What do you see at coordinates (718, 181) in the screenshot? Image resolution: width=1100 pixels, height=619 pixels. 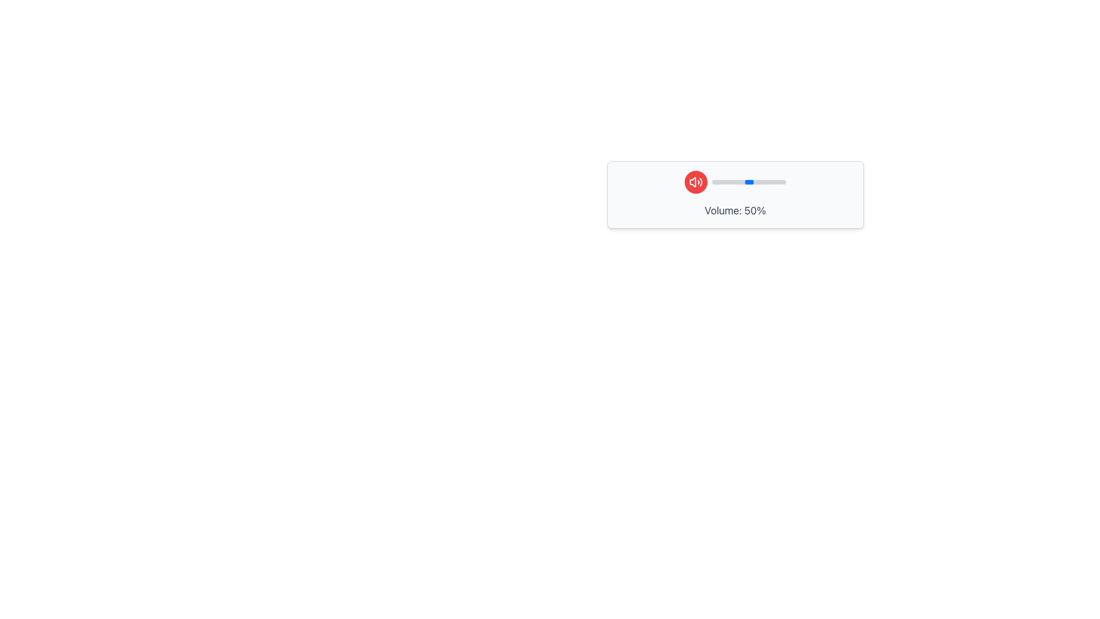 I see `volume` at bounding box center [718, 181].